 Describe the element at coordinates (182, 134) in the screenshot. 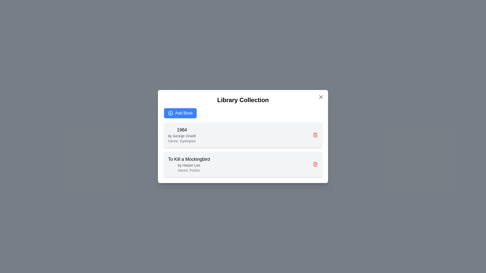

I see `the informational text group displaying '1984' by George Orwell, which is part of the Library Collection modal, positioned above 'To Kill a Mockingbird'` at that location.